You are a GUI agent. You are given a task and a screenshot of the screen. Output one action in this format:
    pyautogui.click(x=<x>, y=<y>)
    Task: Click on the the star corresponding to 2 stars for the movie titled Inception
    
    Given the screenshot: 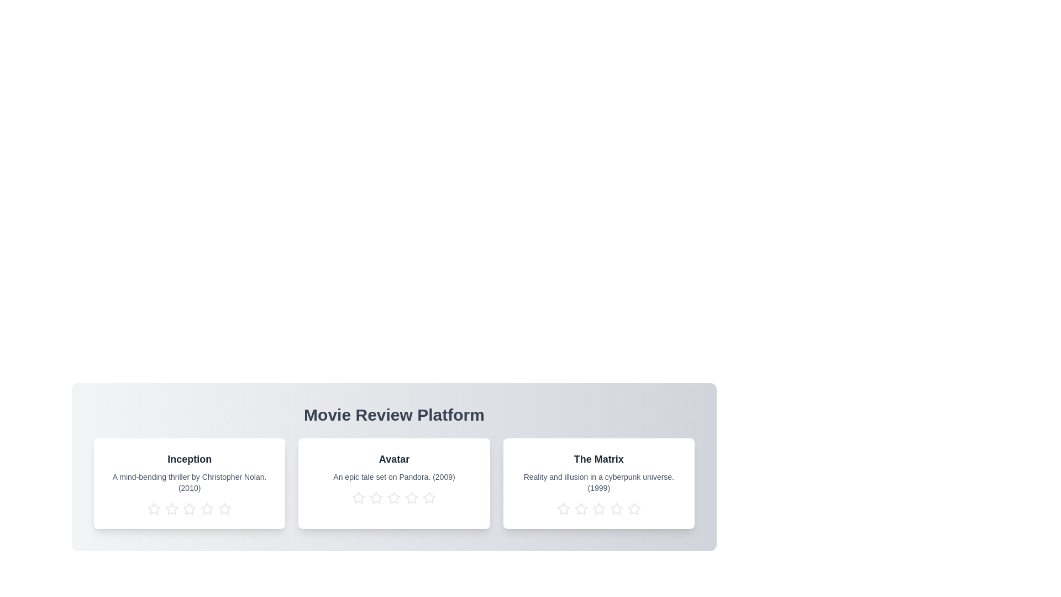 What is the action you would take?
    pyautogui.click(x=171, y=509)
    